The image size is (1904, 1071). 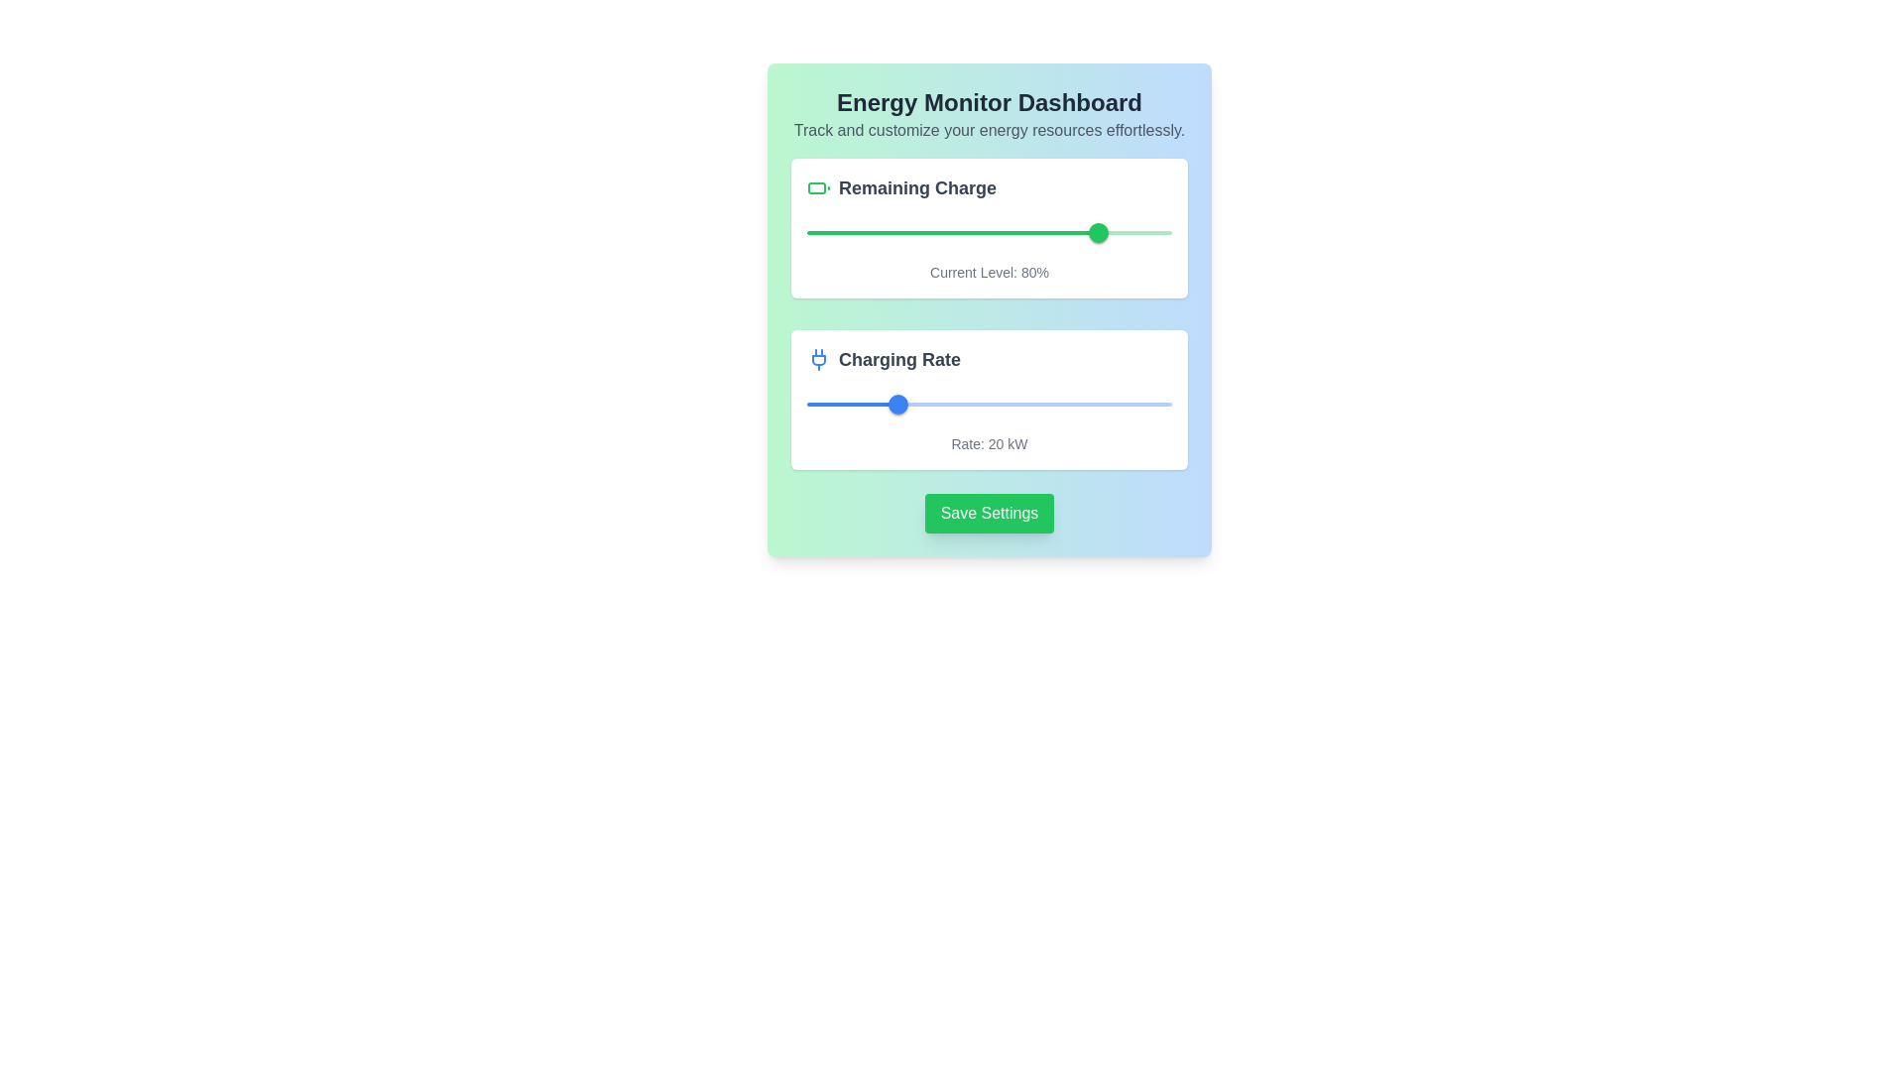 I want to click on the slider, so click(x=1149, y=404).